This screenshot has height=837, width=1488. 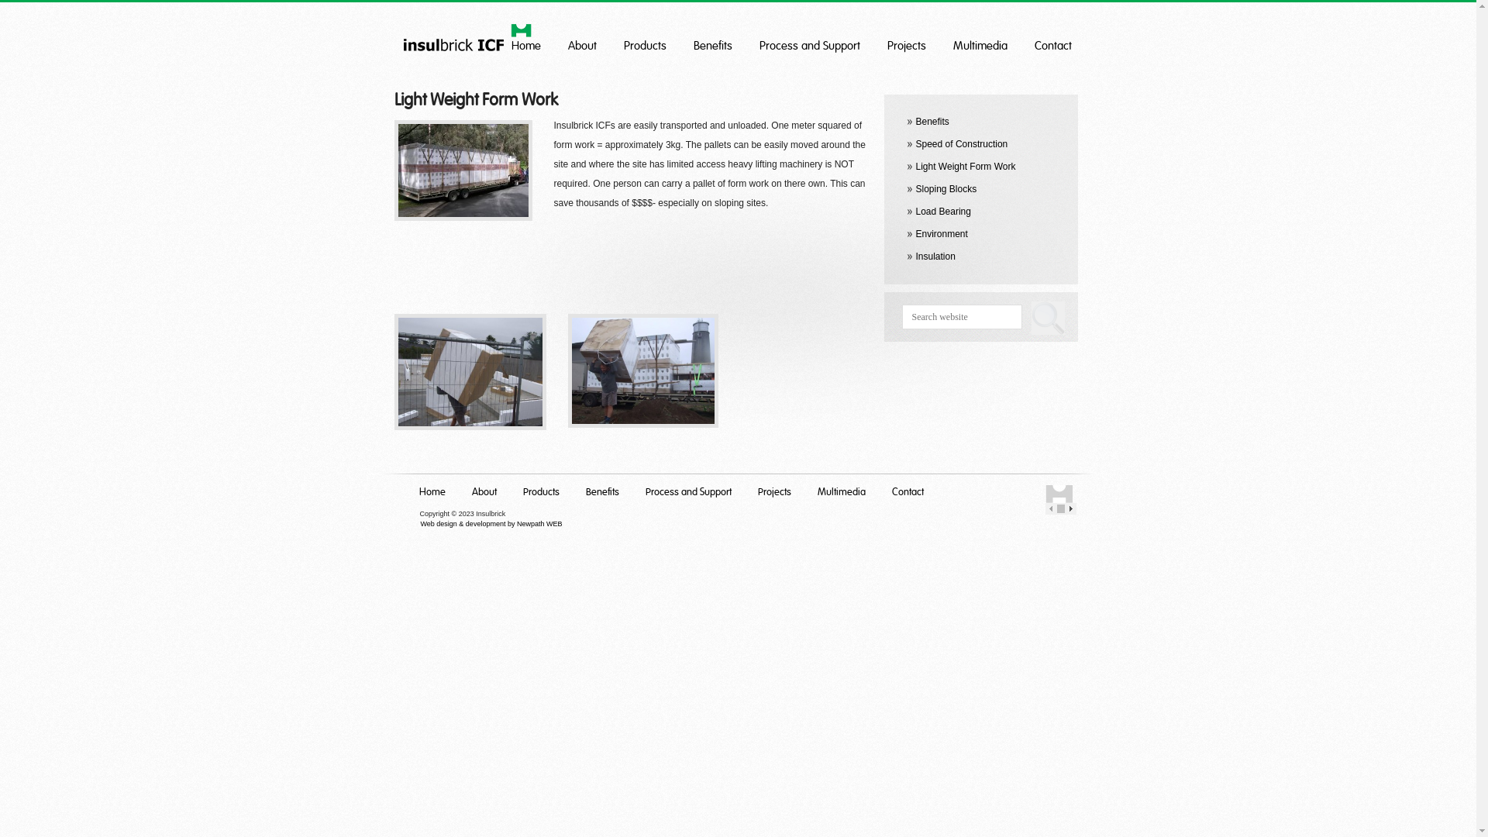 I want to click on 'Environment', so click(x=941, y=233).